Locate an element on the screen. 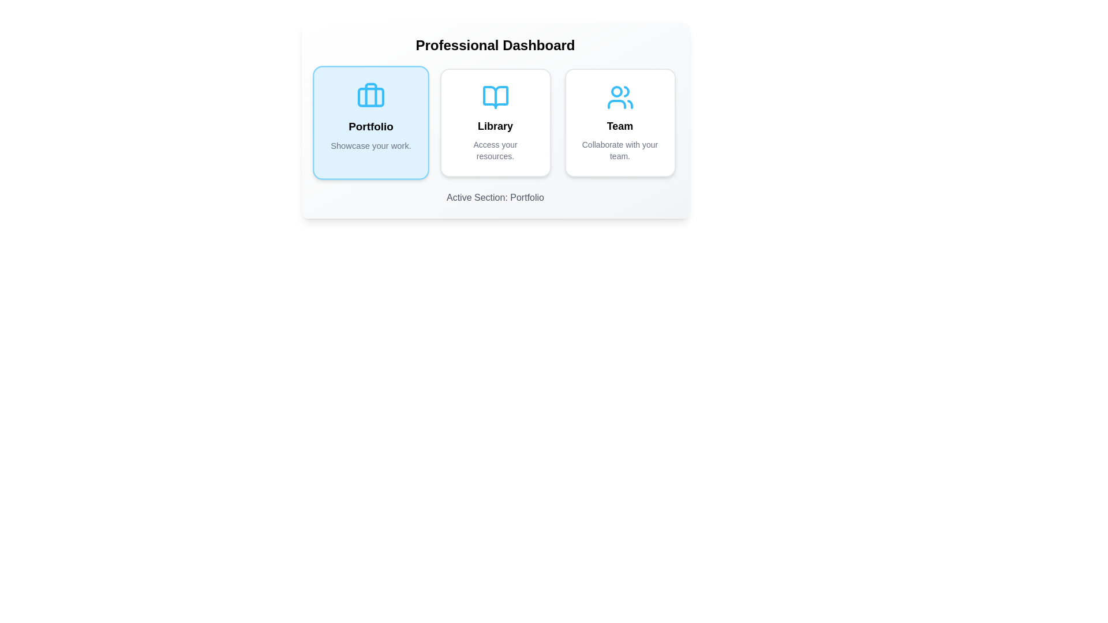  the Portfolio card to select it is located at coordinates (370, 122).